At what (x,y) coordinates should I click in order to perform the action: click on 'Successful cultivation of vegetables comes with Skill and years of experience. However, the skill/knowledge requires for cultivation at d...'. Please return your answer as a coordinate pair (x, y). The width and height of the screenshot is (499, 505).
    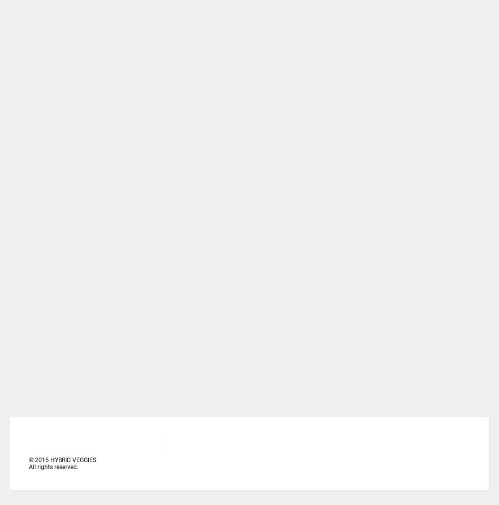
    Looking at the image, I should click on (222, 126).